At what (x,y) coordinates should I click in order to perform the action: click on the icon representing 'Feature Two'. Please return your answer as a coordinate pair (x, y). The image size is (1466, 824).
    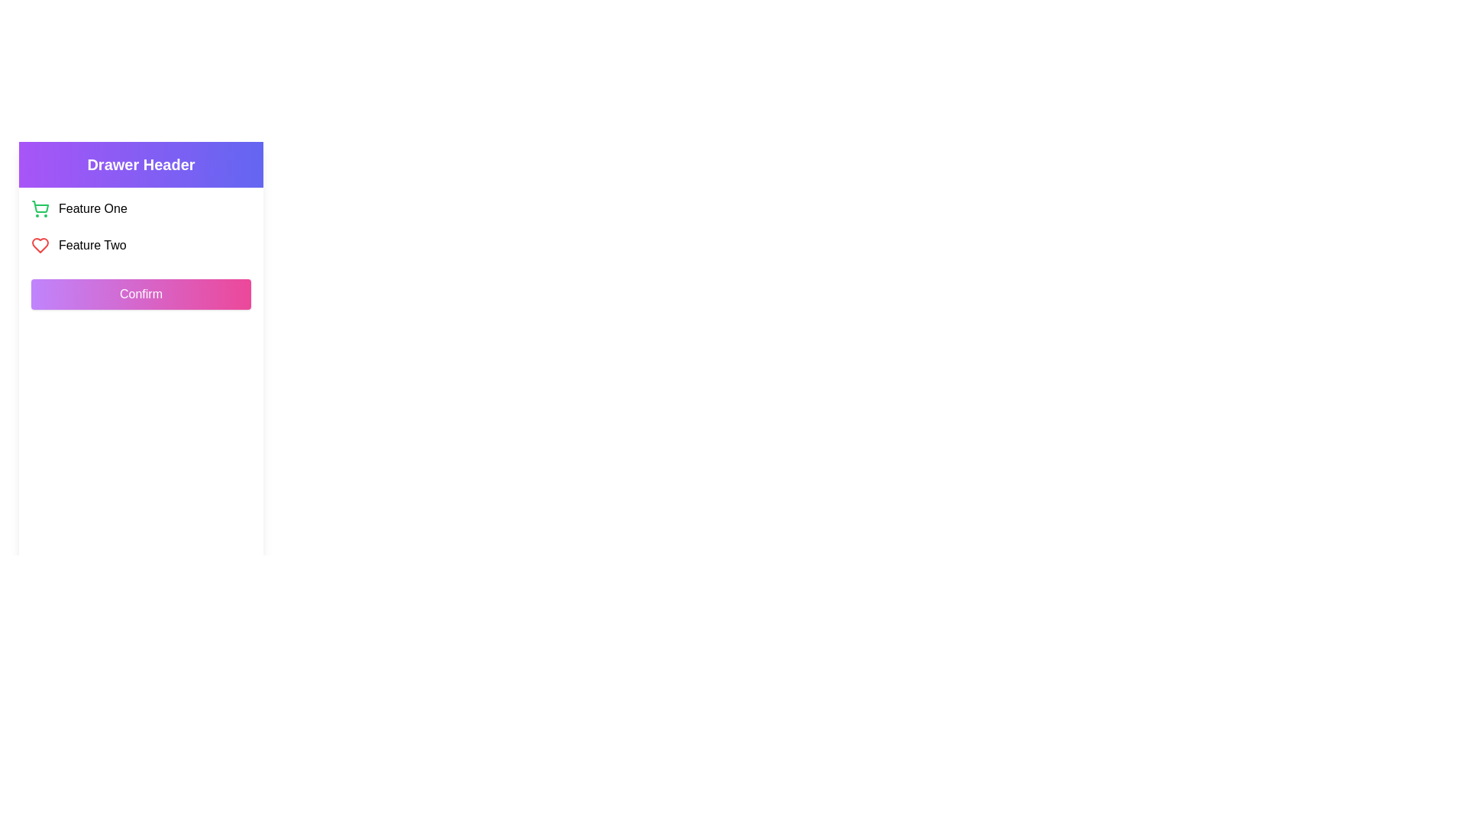
    Looking at the image, I should click on (40, 244).